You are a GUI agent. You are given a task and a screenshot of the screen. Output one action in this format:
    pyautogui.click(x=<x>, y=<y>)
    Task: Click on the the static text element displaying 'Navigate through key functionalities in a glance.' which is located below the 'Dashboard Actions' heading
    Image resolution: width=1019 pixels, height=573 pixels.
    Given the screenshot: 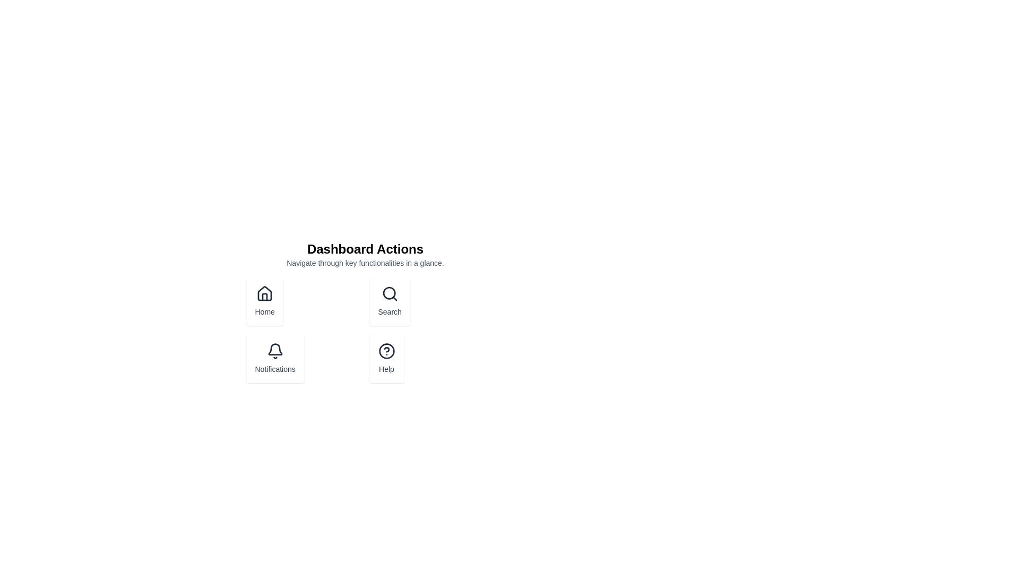 What is the action you would take?
    pyautogui.click(x=365, y=263)
    